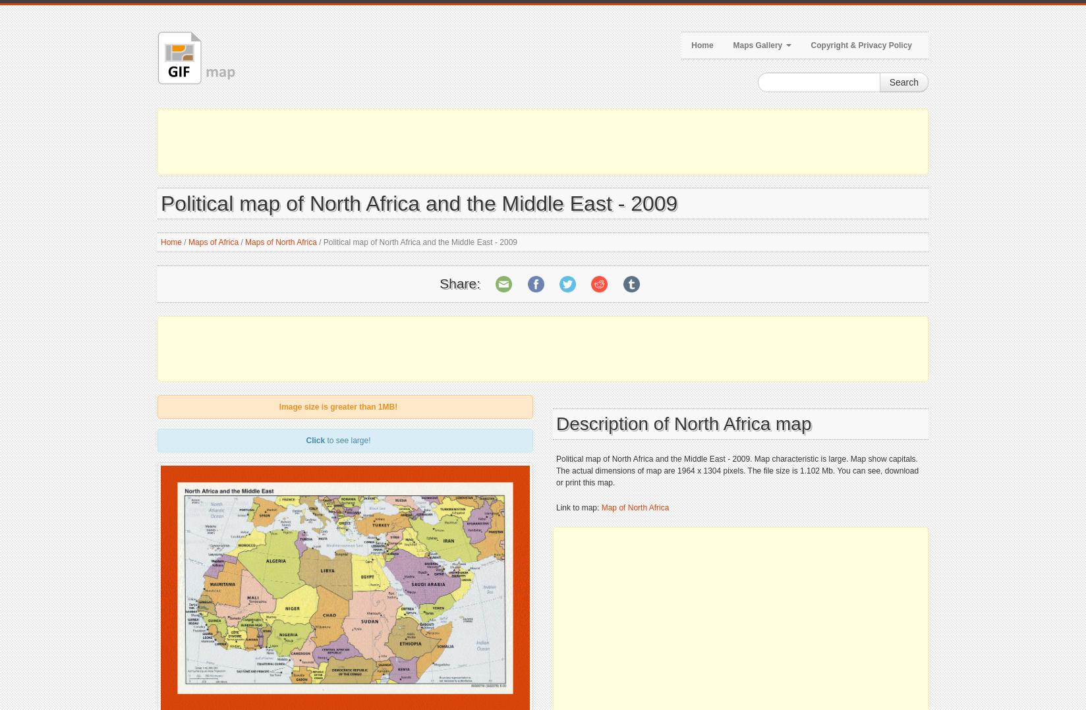 This screenshot has height=710, width=1086. Describe the element at coordinates (736, 470) in the screenshot. I see `'Political map of North Africa and the Middle East - 2009. Map characteristic is large. Map show capitals.
                        The actual dimensions of map are 1964 x 1304 pixels.
                        The file size is 1.102 Mb.
                        You can see, download or print this map.'` at that location.